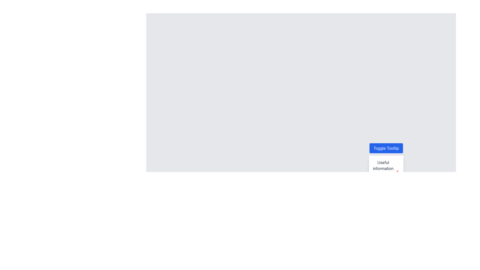  What do you see at coordinates (397, 171) in the screenshot?
I see `the small red icon button resembling a close symbol located` at bounding box center [397, 171].